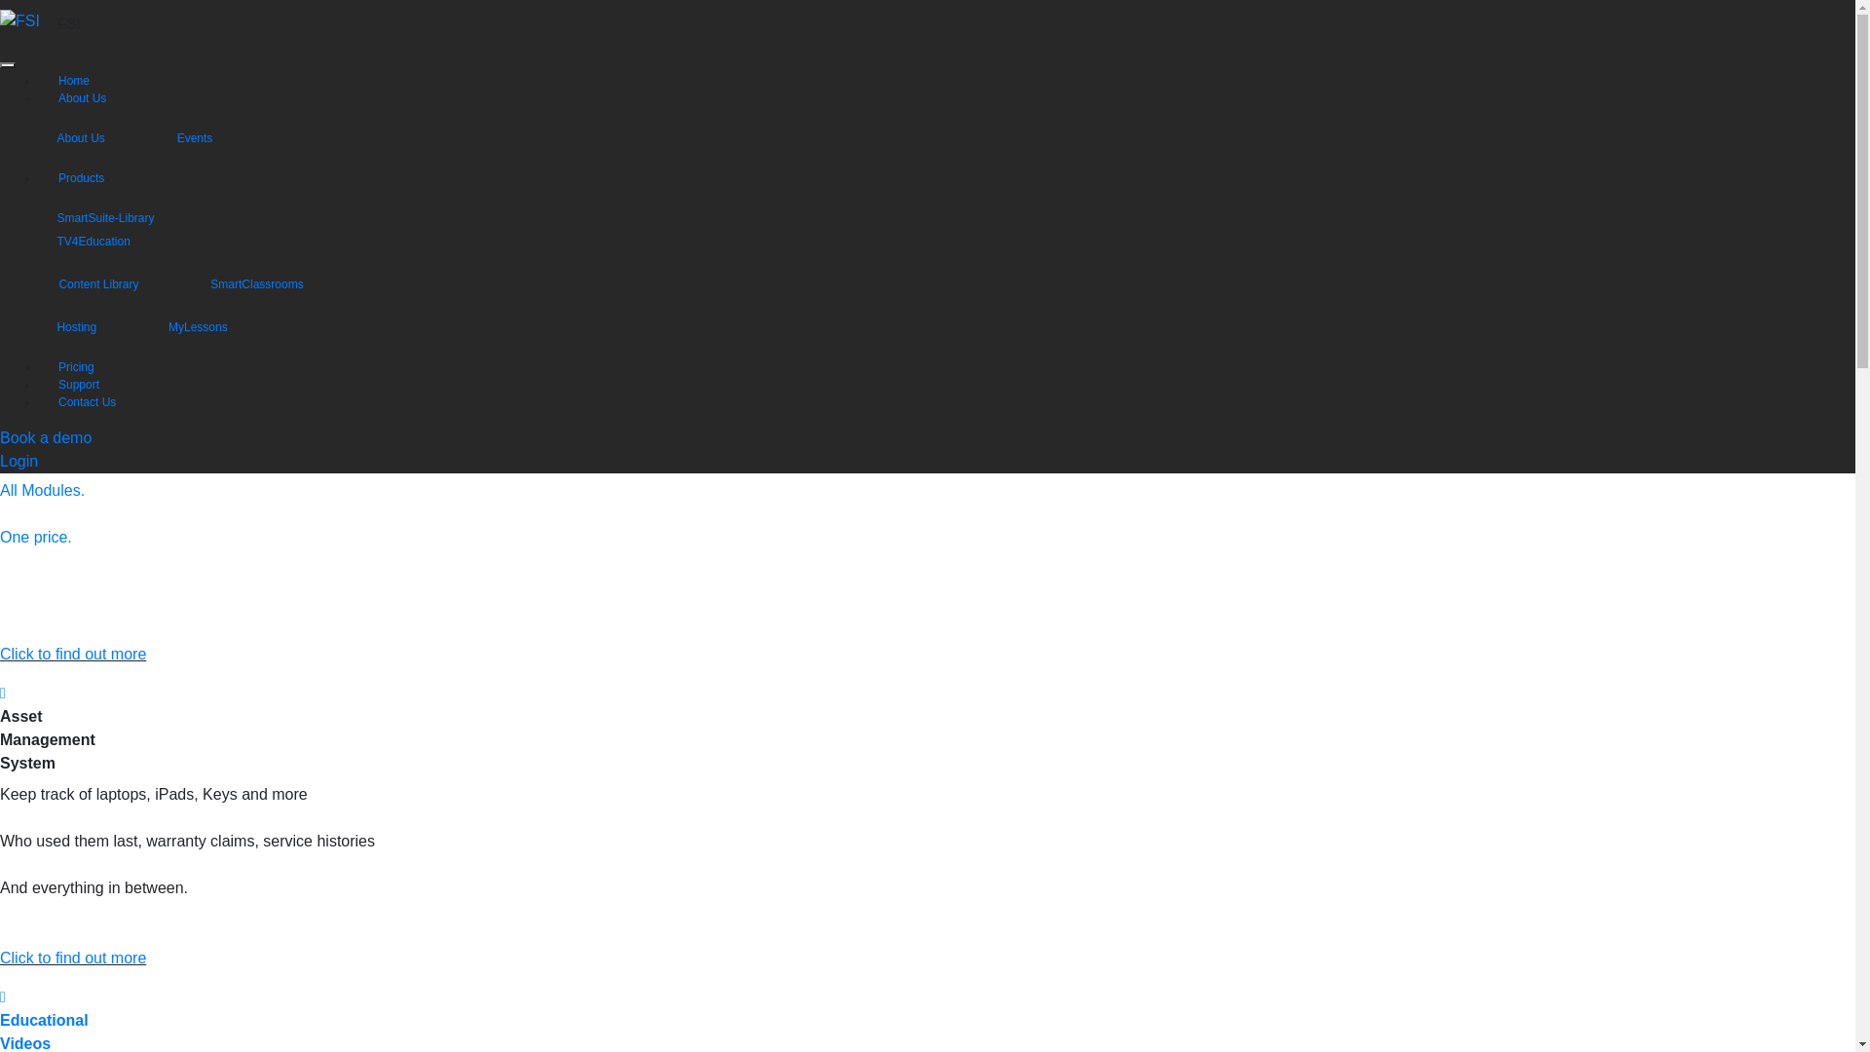  Describe the element at coordinates (19, 461) in the screenshot. I see `'Login'` at that location.